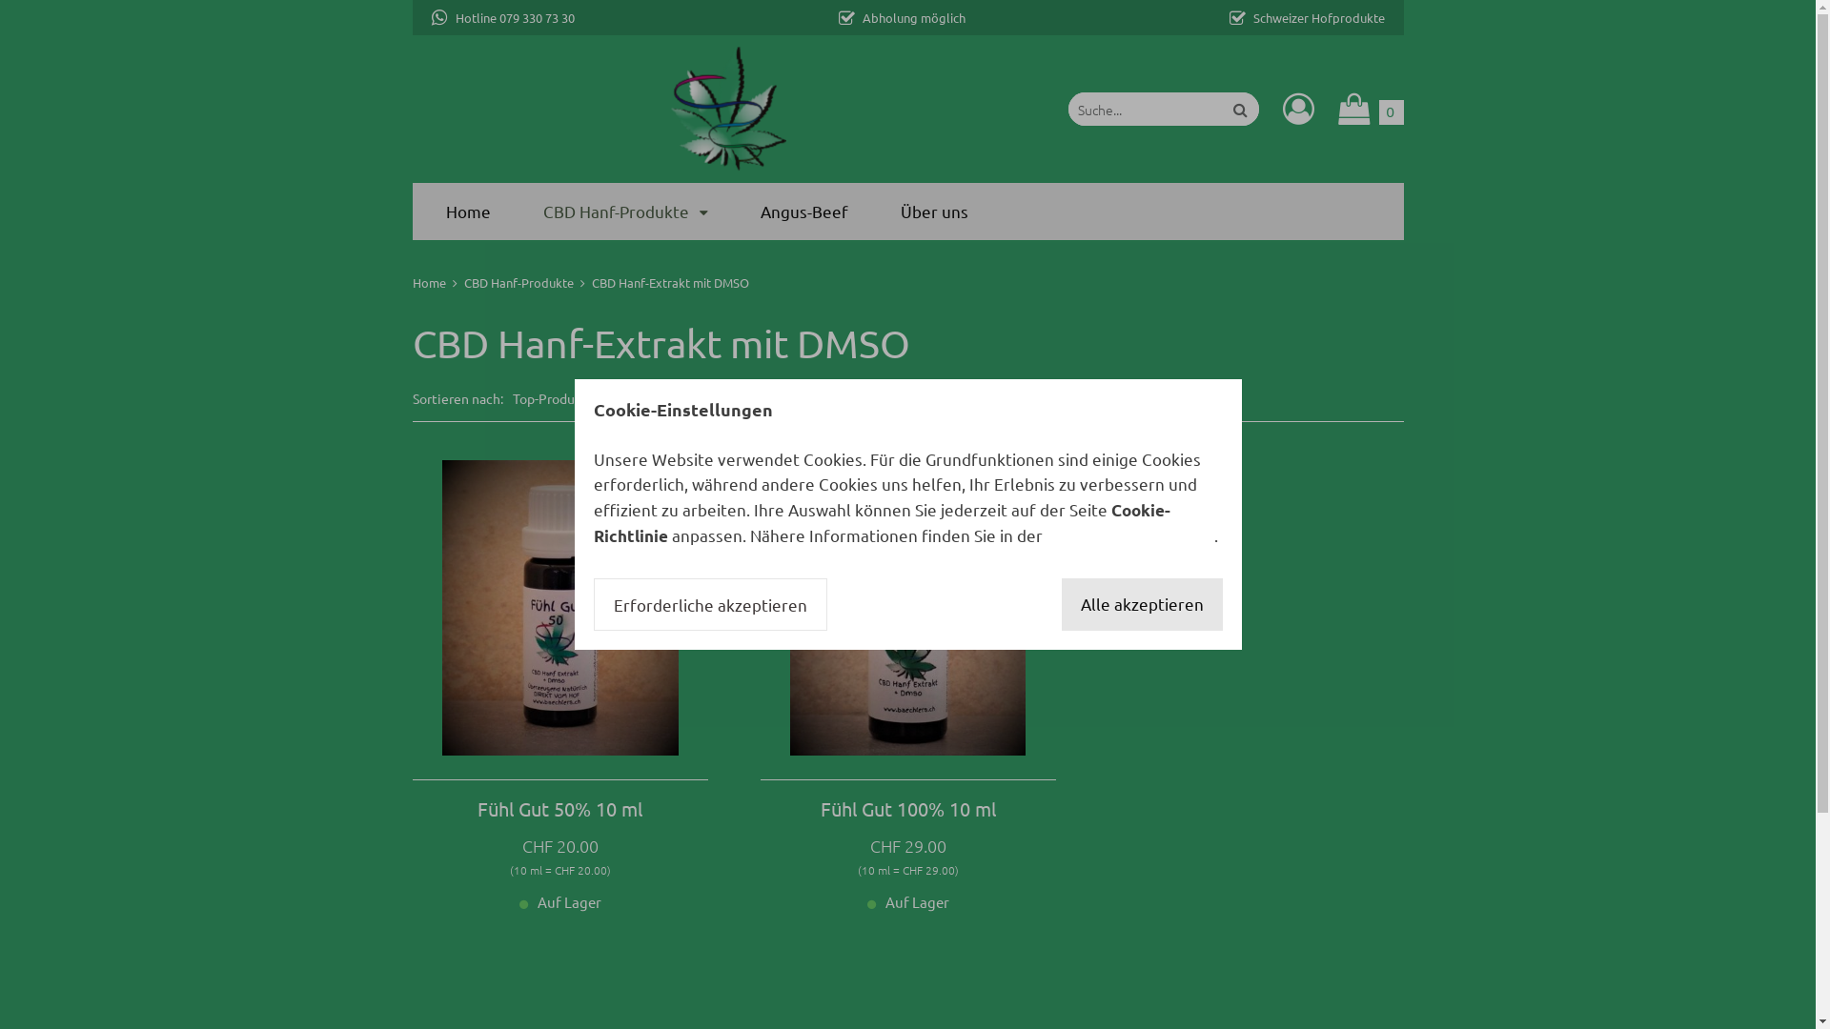 The height and width of the screenshot is (1029, 1830). What do you see at coordinates (1336, 109) in the screenshot?
I see `'Warenkorb anzeigen. Sie haben 0 Artikel im Warenkorb.` at bounding box center [1336, 109].